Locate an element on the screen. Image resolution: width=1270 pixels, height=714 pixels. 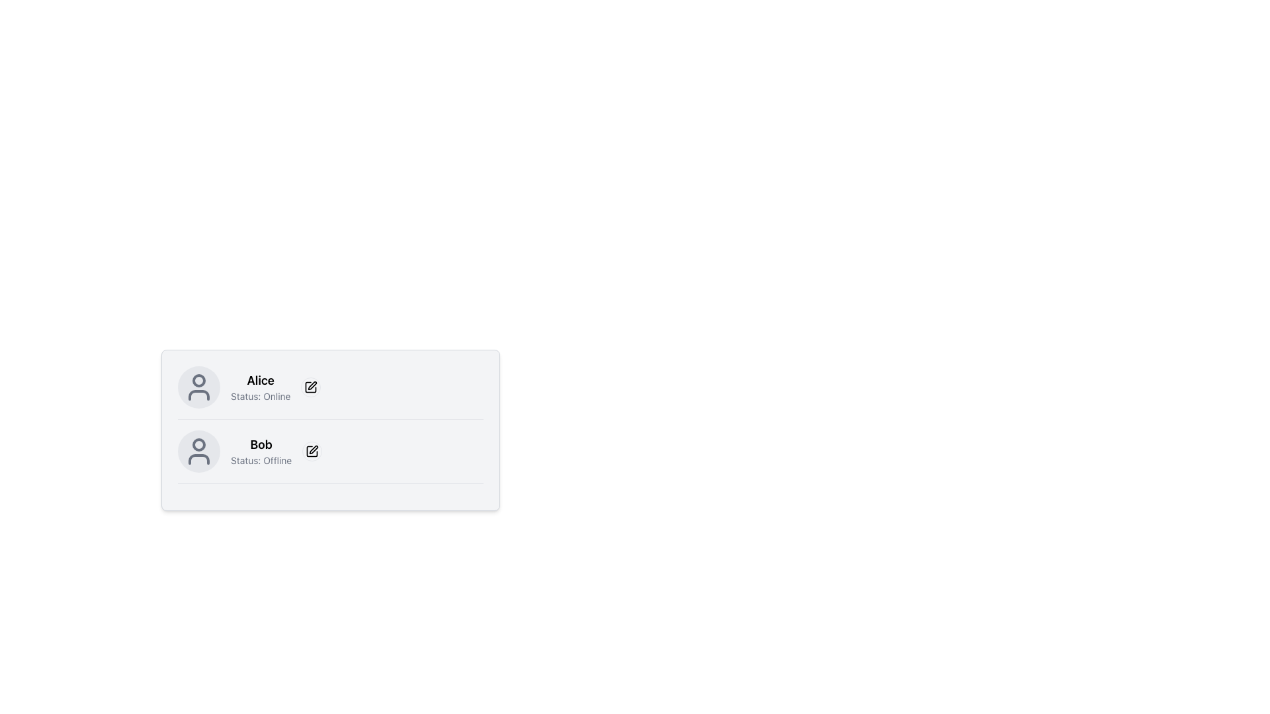
the text label indicating the online status of user 'Alice', which is positioned directly below her name in the card-like section is located at coordinates (261, 396).